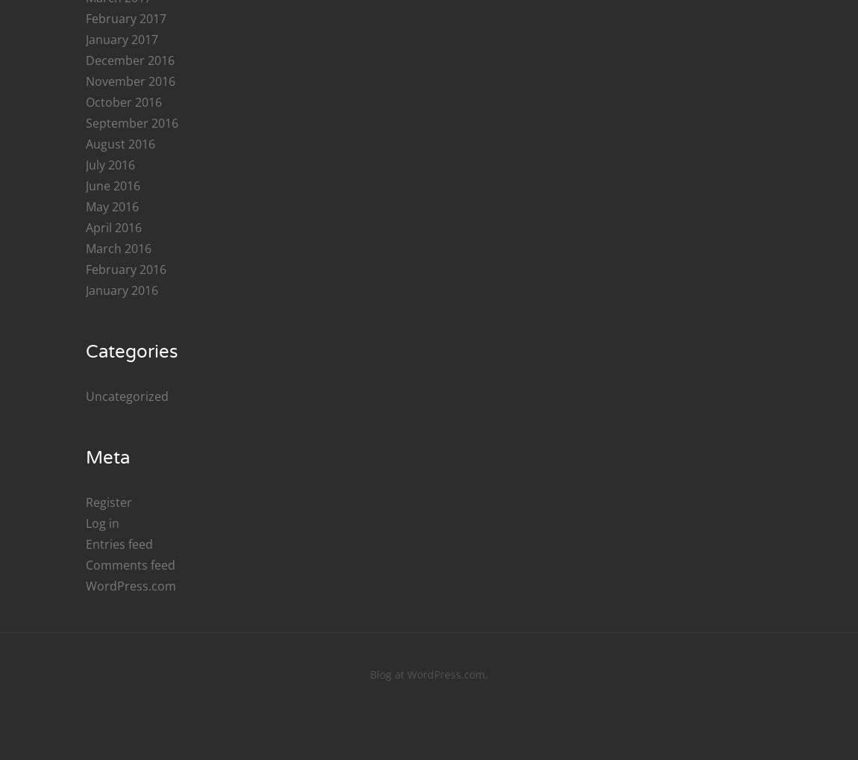 This screenshot has height=760, width=858. Describe the element at coordinates (130, 546) in the screenshot. I see `'November 2017'` at that location.